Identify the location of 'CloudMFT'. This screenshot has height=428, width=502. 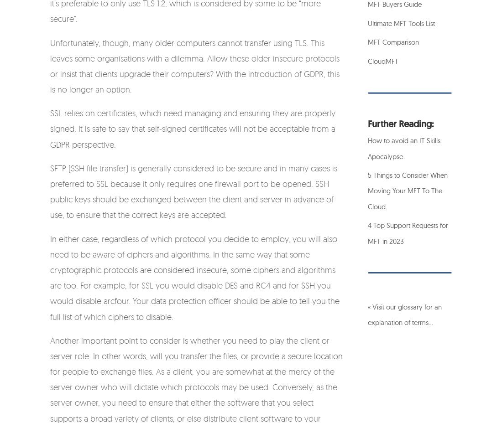
(382, 60).